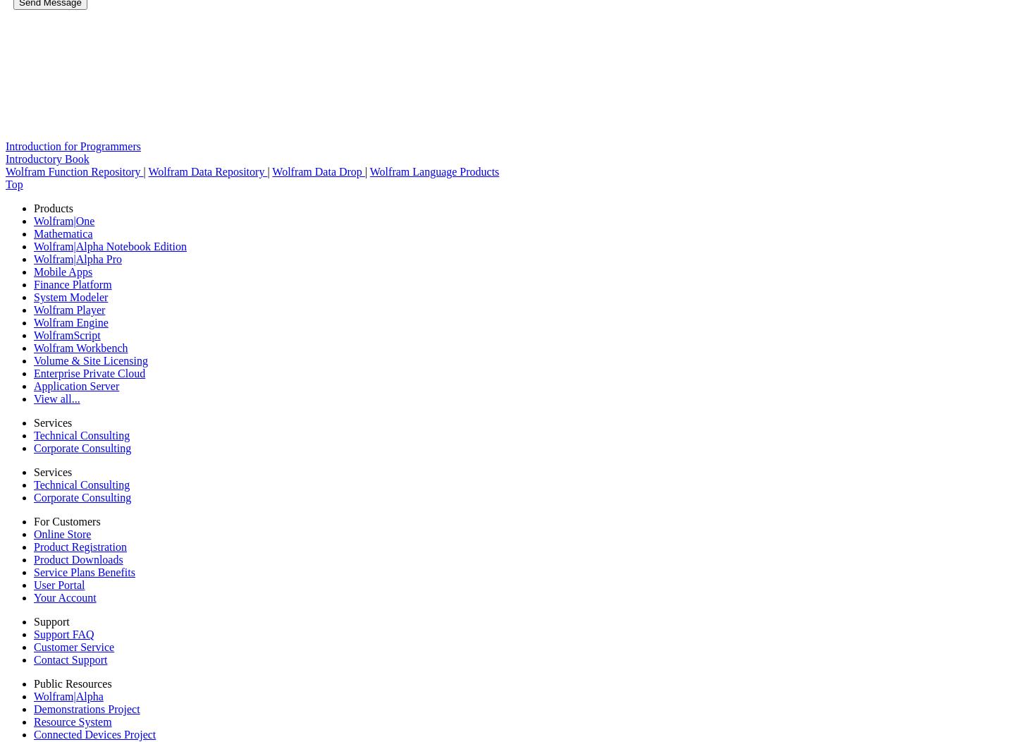  What do you see at coordinates (47, 158) in the screenshot?
I see `'Introductory Book'` at bounding box center [47, 158].